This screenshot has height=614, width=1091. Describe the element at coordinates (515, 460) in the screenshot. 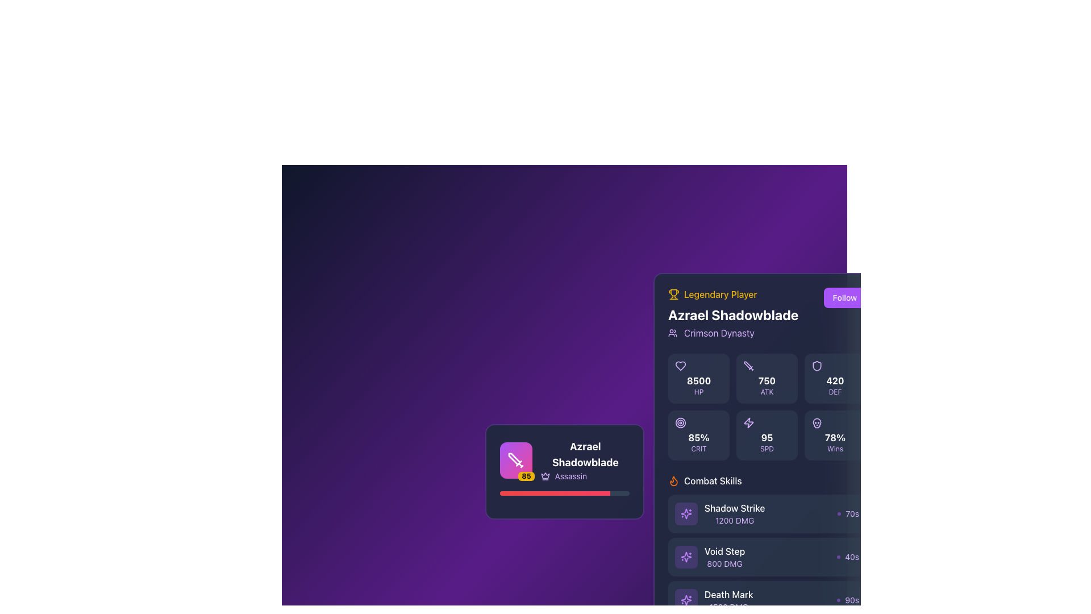

I see `the sword icon representing a skill or attribute, centrally placed within a rounded rectangular card with a gradient background from purple to pink` at that location.